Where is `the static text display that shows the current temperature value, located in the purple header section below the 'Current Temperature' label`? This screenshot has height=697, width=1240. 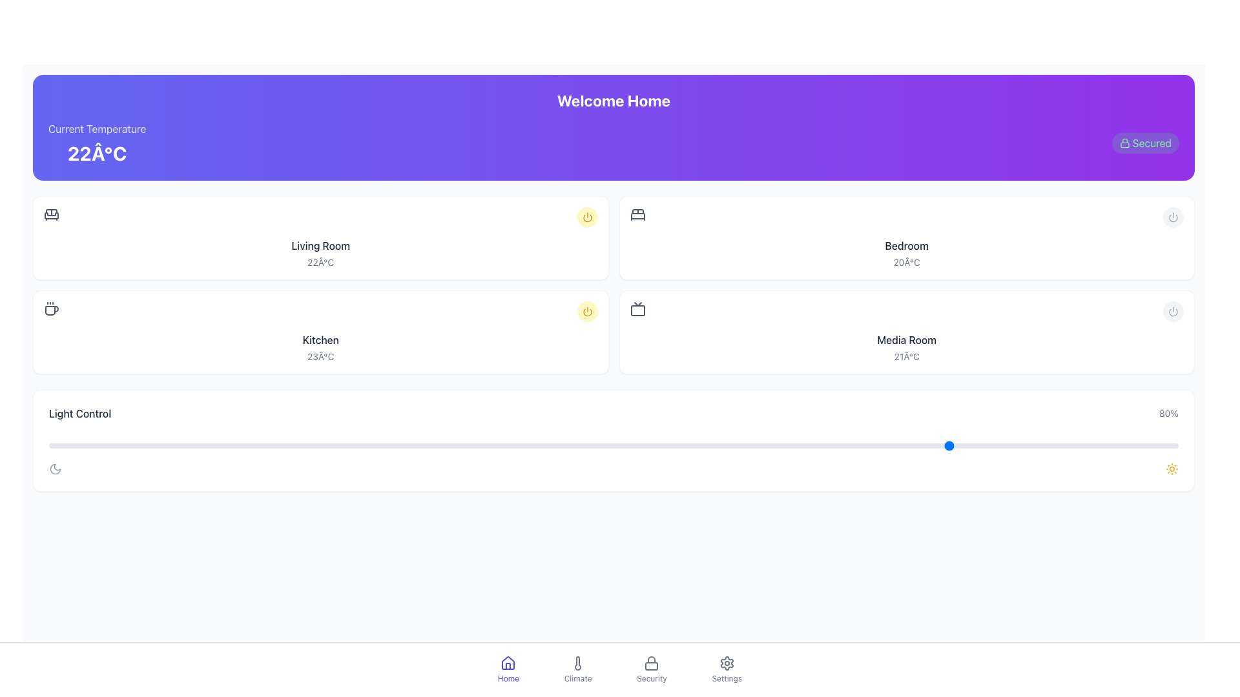 the static text display that shows the current temperature value, located in the purple header section below the 'Current Temperature' label is located at coordinates (96, 153).